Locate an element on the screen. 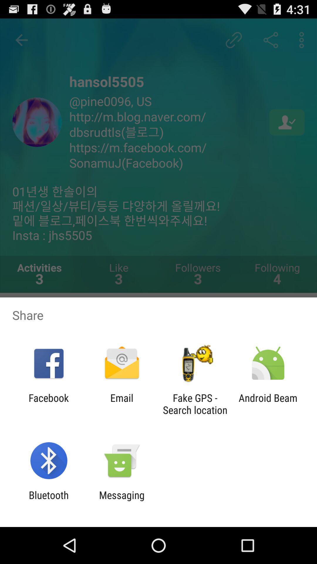 The image size is (317, 564). facebook is located at coordinates (48, 404).